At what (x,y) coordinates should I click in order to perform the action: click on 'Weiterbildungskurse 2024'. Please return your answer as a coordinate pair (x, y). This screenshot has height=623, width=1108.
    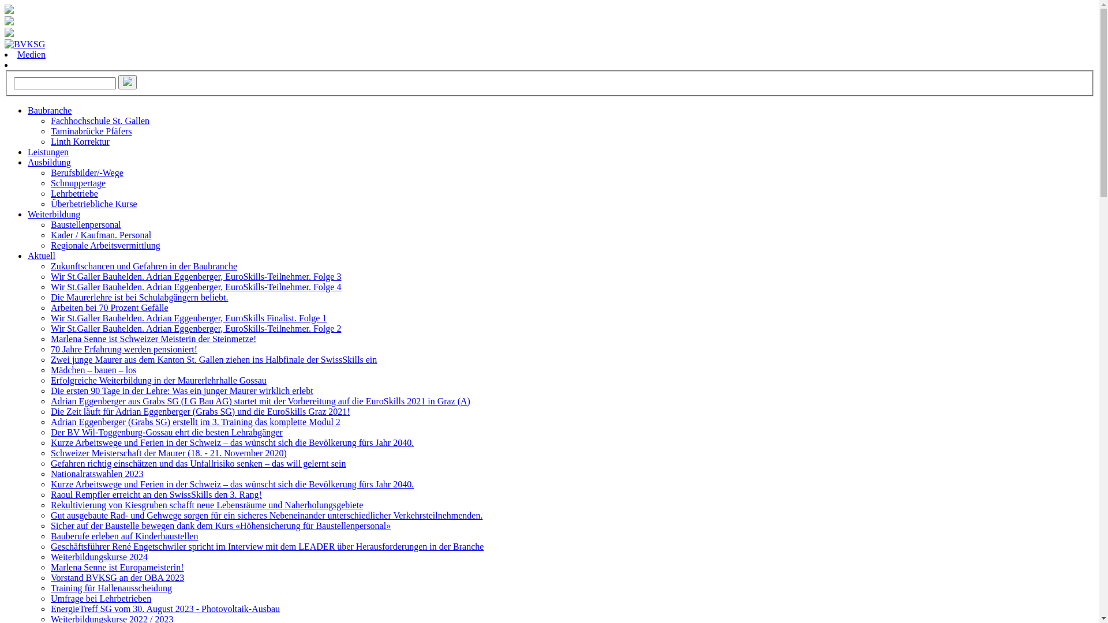
    Looking at the image, I should click on (99, 556).